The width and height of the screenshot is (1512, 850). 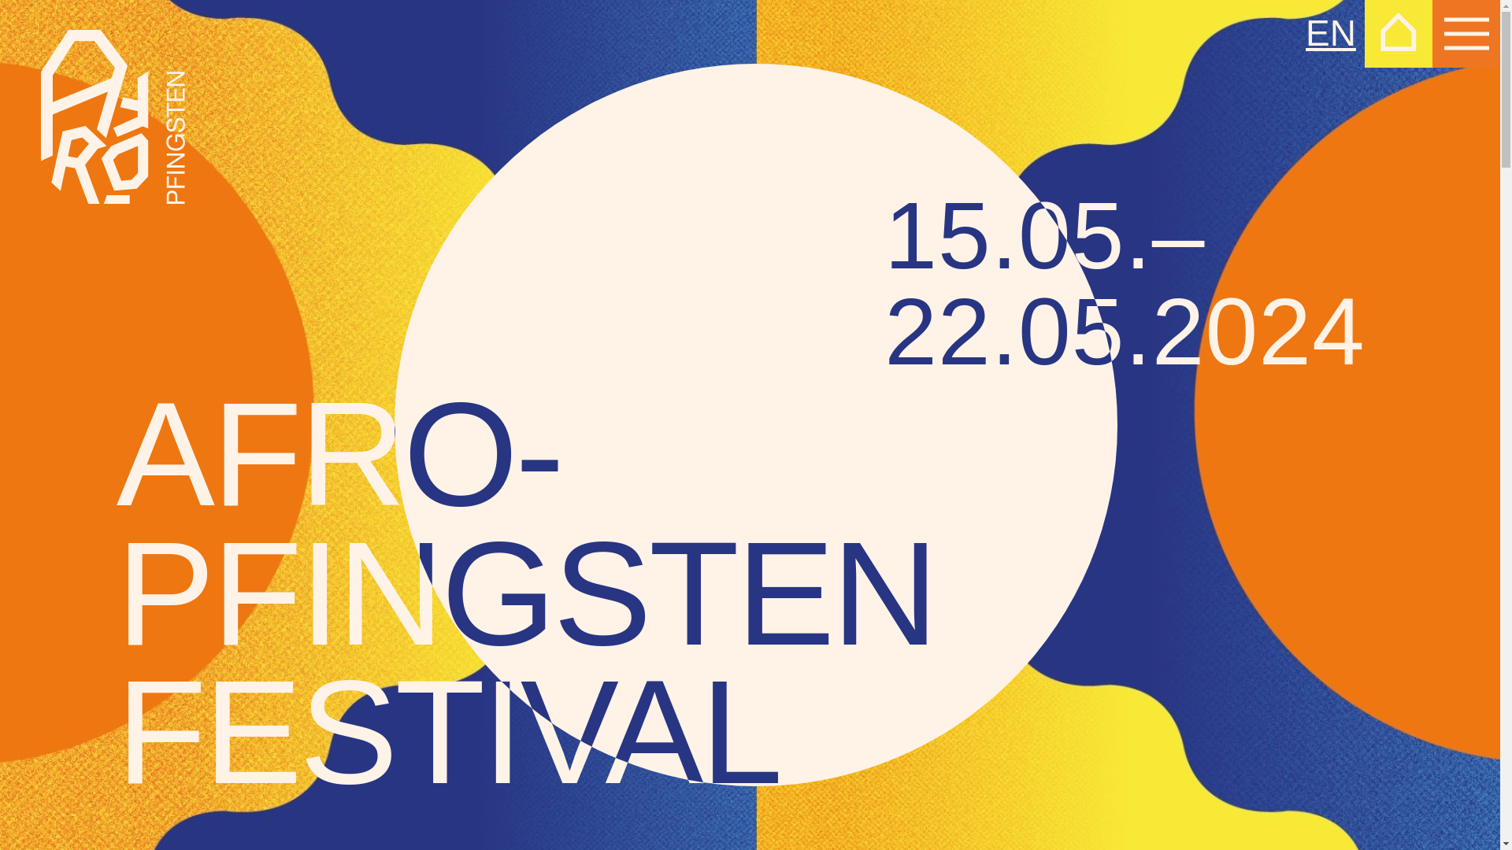 What do you see at coordinates (112, 116) in the screenshot?
I see `'Afro-Pfingsten Winterthur'` at bounding box center [112, 116].